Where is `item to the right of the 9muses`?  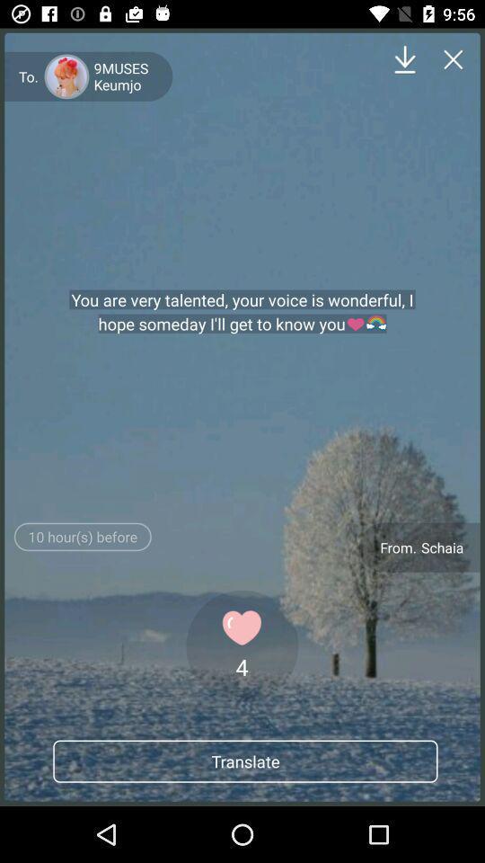
item to the right of the 9muses is located at coordinates (405, 59).